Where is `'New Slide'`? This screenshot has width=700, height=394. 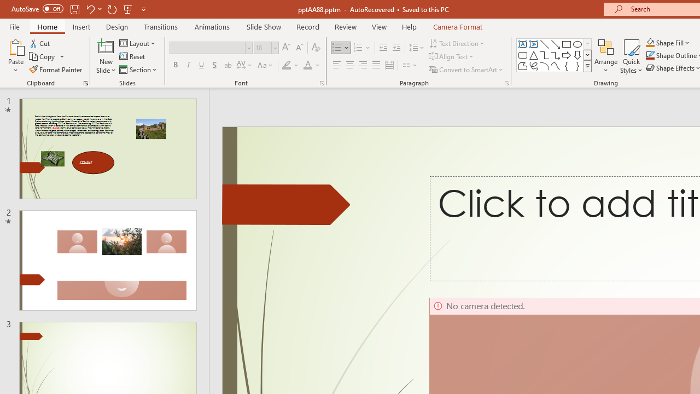 'New Slide' is located at coordinates (106, 46).